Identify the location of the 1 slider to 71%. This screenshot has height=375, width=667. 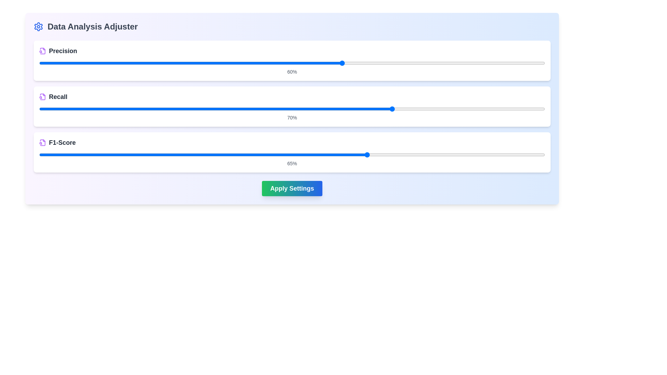
(471, 109).